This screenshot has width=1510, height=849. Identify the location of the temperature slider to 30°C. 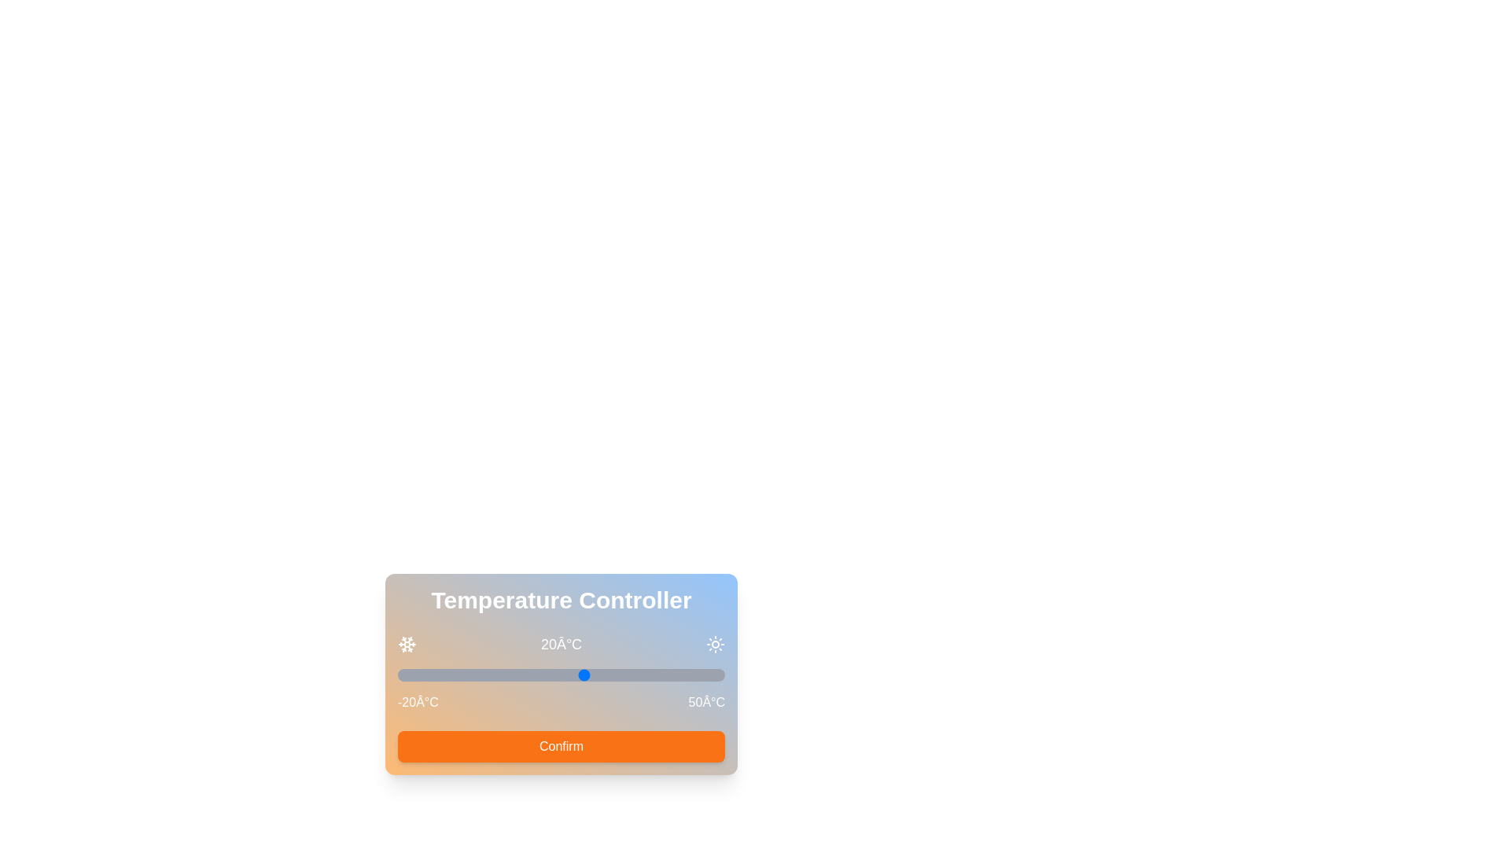
(632, 674).